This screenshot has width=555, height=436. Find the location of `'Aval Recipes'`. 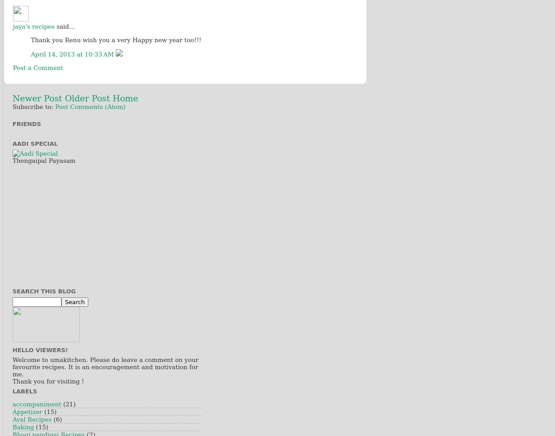

'Aval Recipes' is located at coordinates (12, 419).